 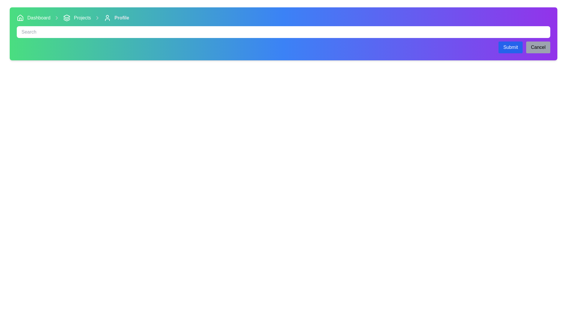 What do you see at coordinates (82, 18) in the screenshot?
I see `the third textual link in the horizontal navigation bar` at bounding box center [82, 18].